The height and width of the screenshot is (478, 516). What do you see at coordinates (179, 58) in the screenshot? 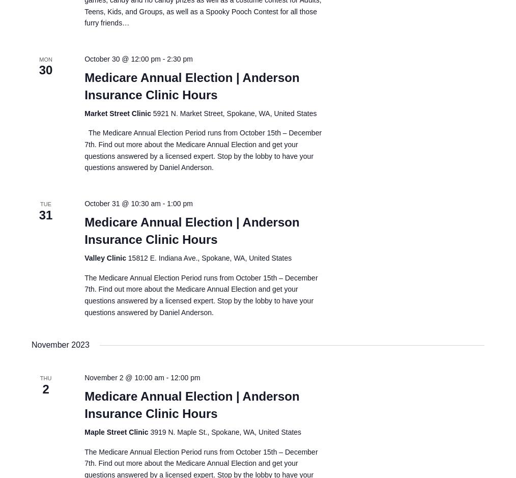
I see `'2:30 pm'` at bounding box center [179, 58].